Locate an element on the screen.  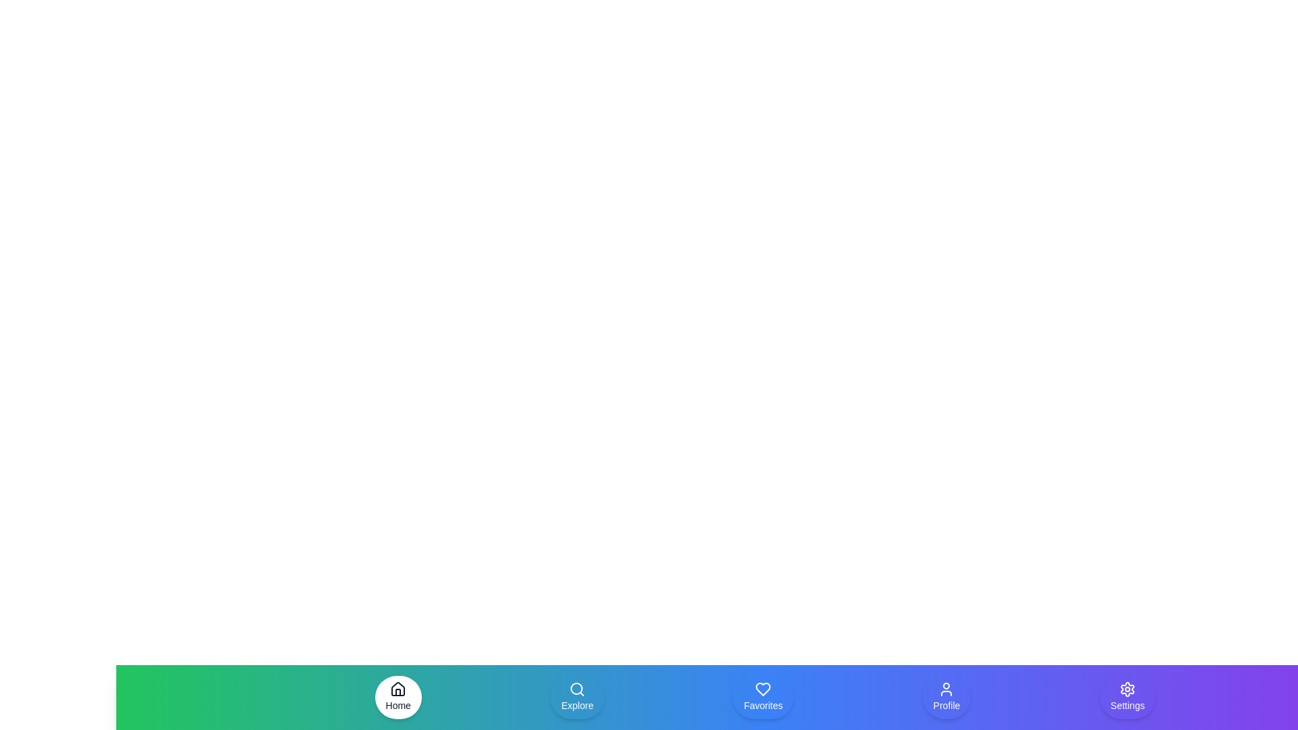
the navigation item Explore is located at coordinates (577, 698).